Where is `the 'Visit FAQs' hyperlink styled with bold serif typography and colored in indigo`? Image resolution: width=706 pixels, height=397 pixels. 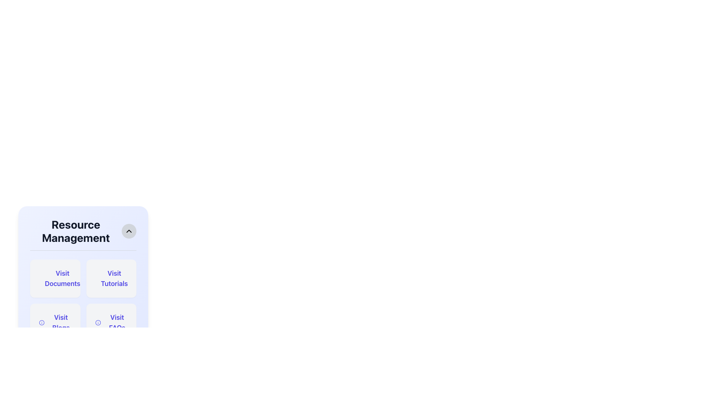 the 'Visit FAQs' hyperlink styled with bold serif typography and colored in indigo is located at coordinates (117, 322).